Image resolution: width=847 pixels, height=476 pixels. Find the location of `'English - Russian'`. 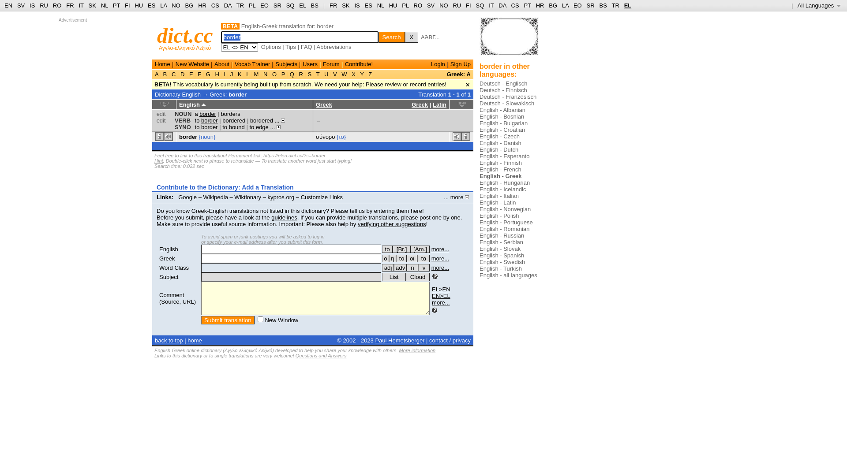

'English - Russian' is located at coordinates (502, 235).